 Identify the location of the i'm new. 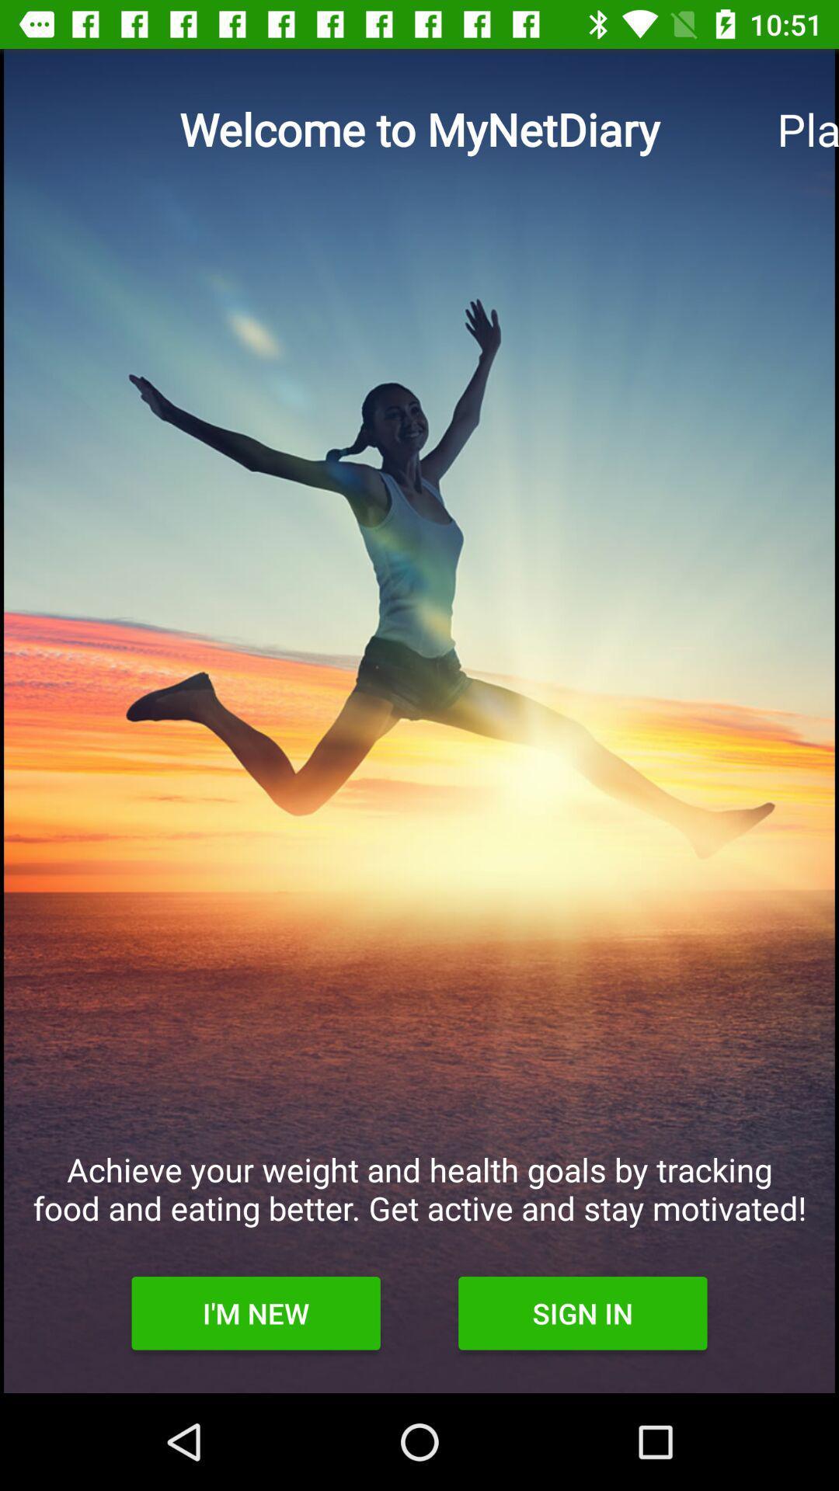
(255, 1312).